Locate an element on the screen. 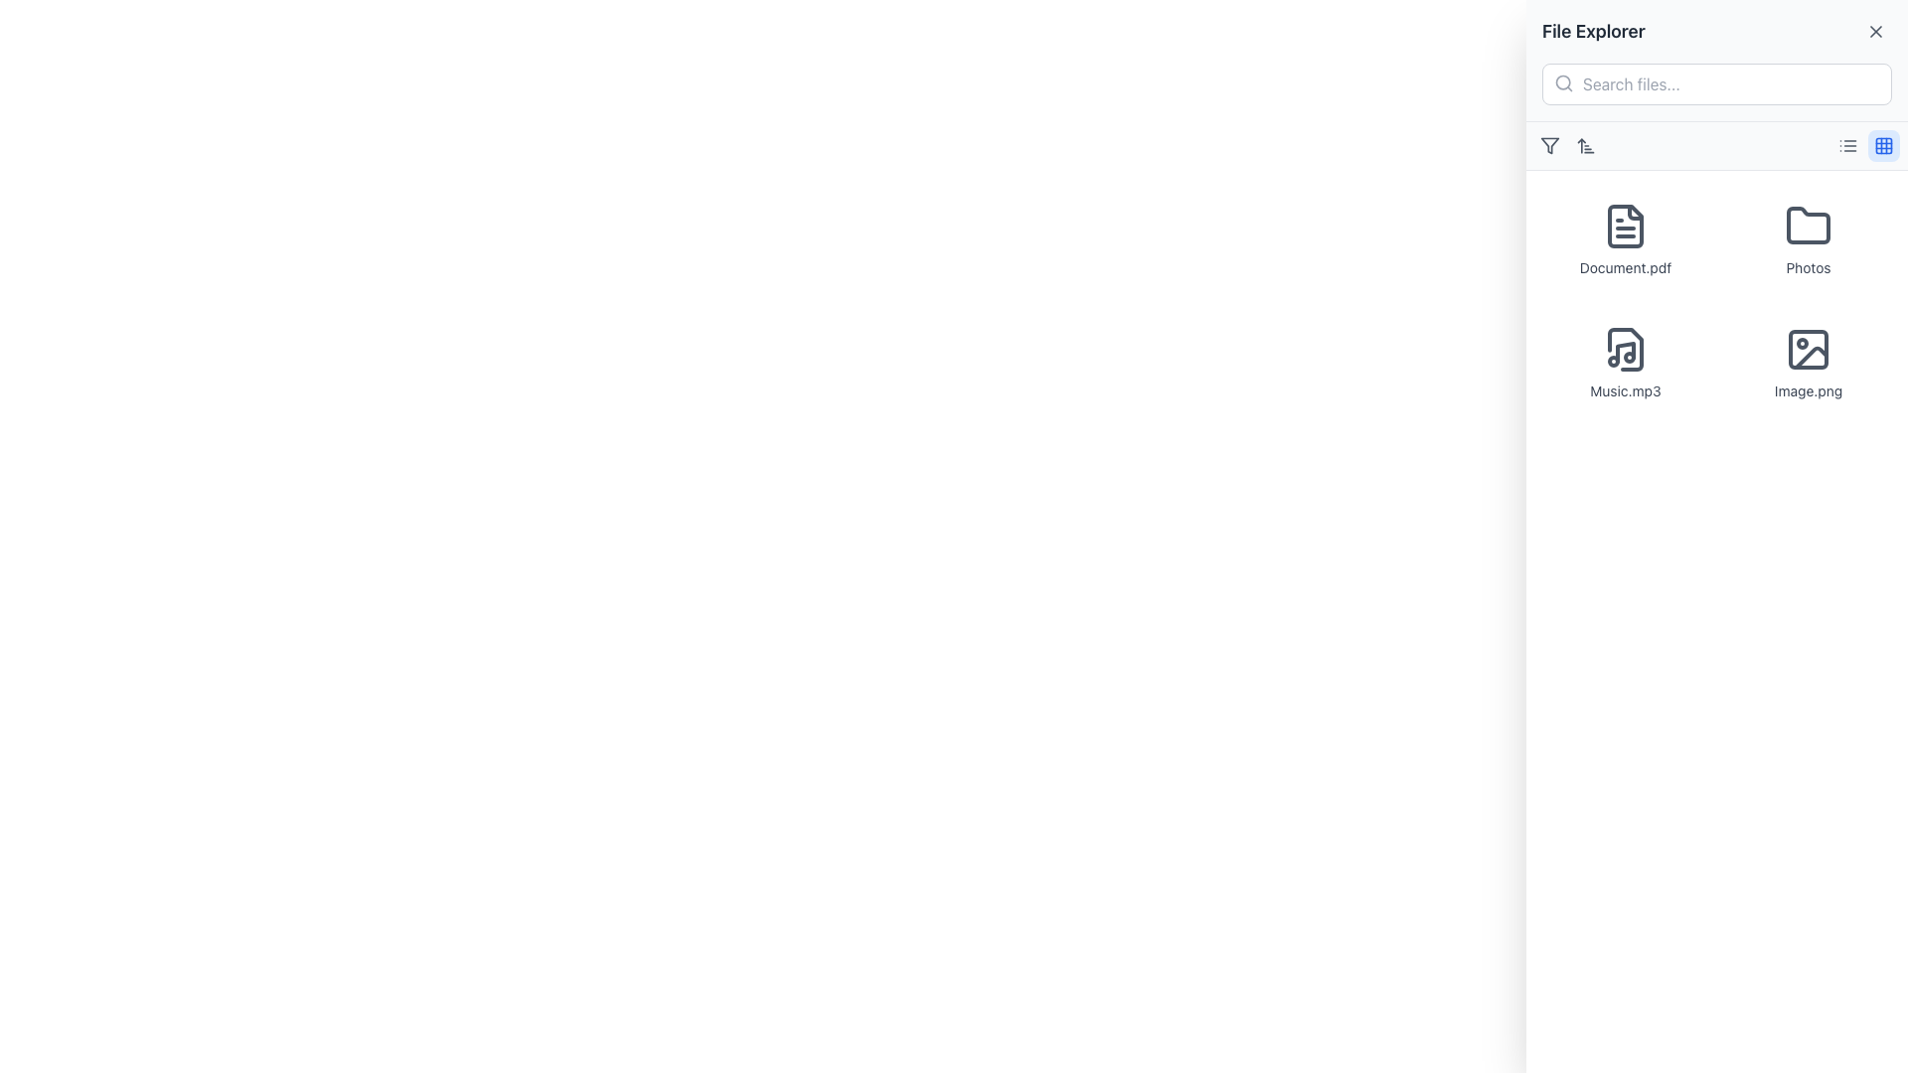 The image size is (1908, 1073). the circular lens element of the magnifying glass icon associated with search functionality, located to the left of the text input field is located at coordinates (1562, 81).